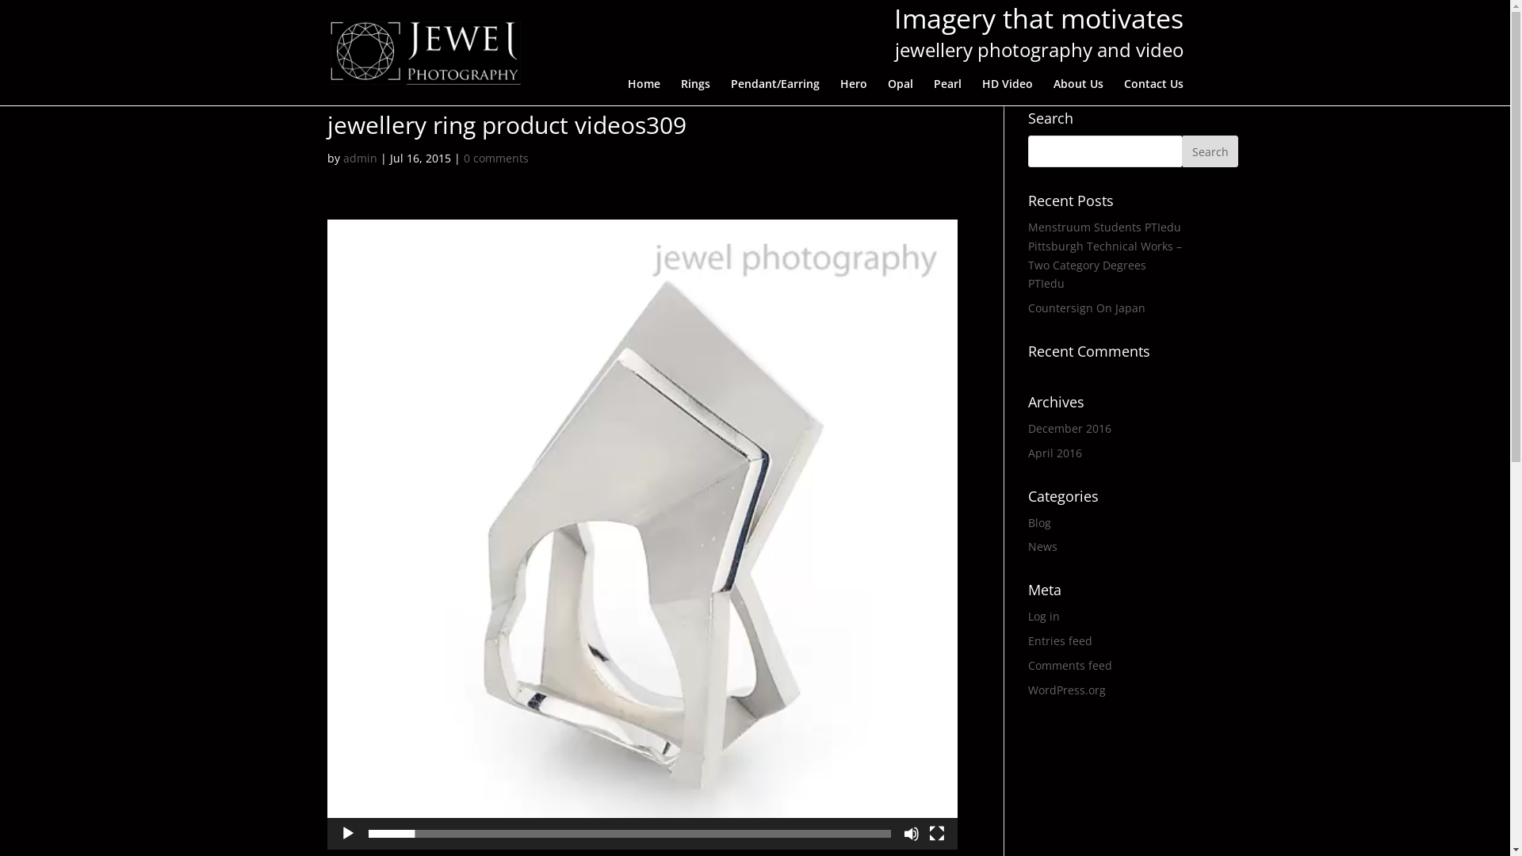 This screenshot has height=856, width=1522. I want to click on 'December 2016', so click(1069, 428).